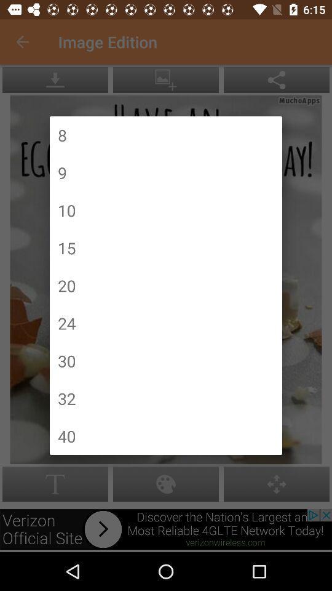 Image resolution: width=332 pixels, height=591 pixels. What do you see at coordinates (66, 247) in the screenshot?
I see `the icon below the 10 icon` at bounding box center [66, 247].